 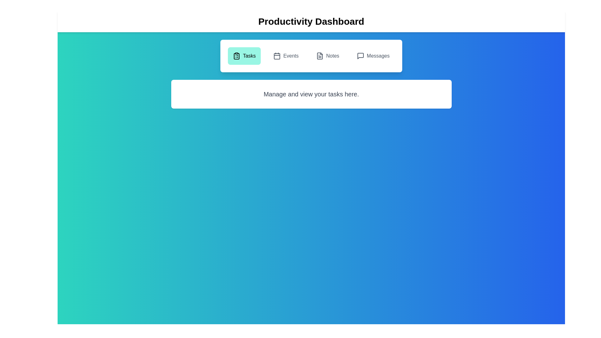 What do you see at coordinates (285, 55) in the screenshot?
I see `the Events tab` at bounding box center [285, 55].